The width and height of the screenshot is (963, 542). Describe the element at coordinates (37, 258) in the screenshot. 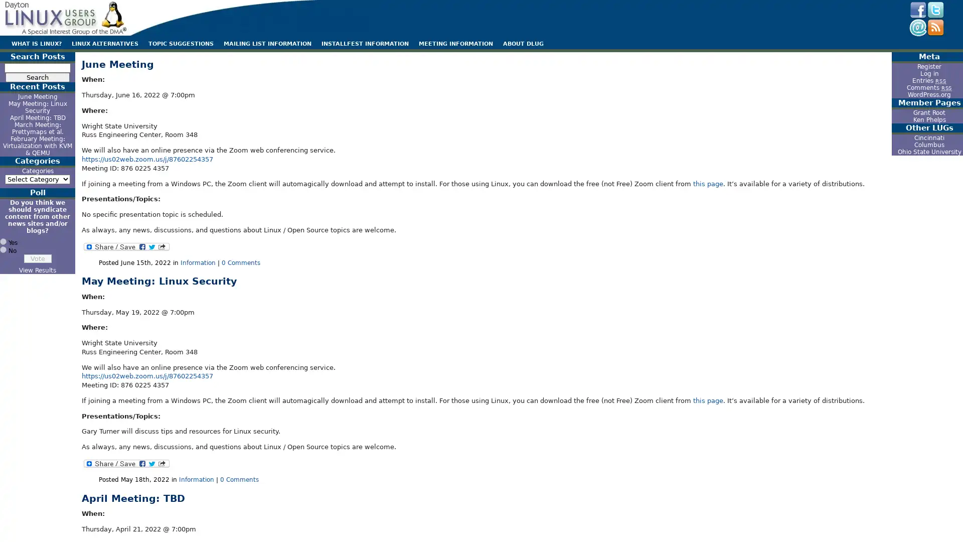

I see `Vote` at that location.